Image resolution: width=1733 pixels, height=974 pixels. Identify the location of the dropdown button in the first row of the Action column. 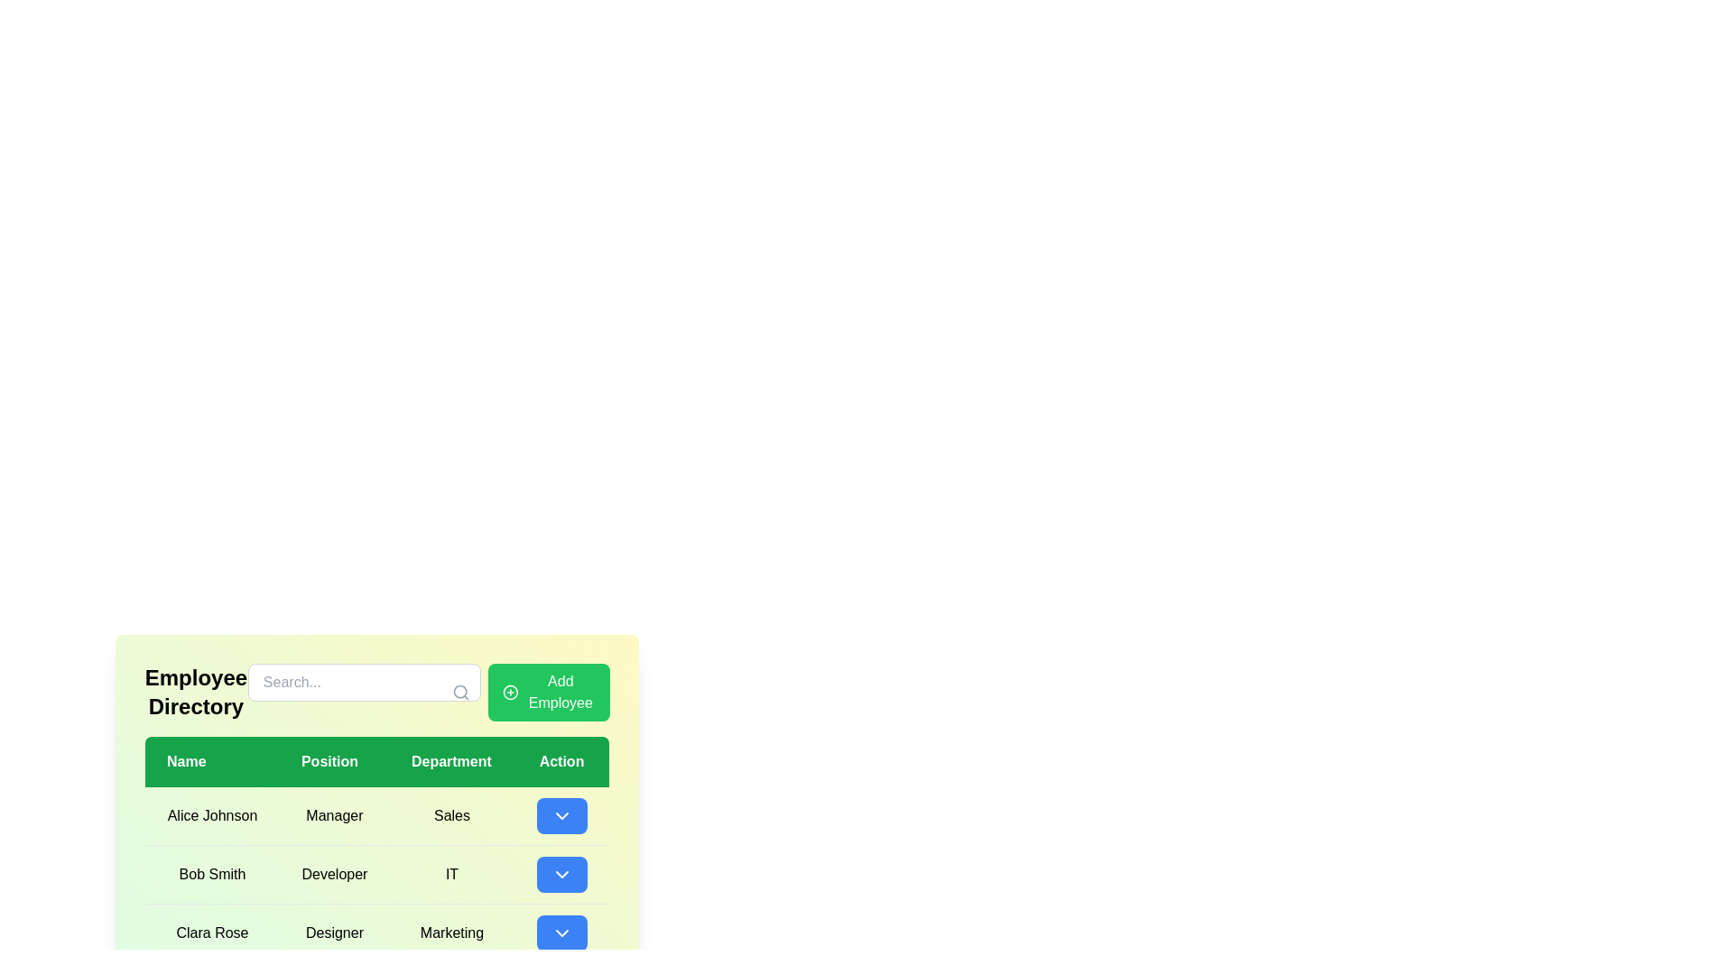
(561, 816).